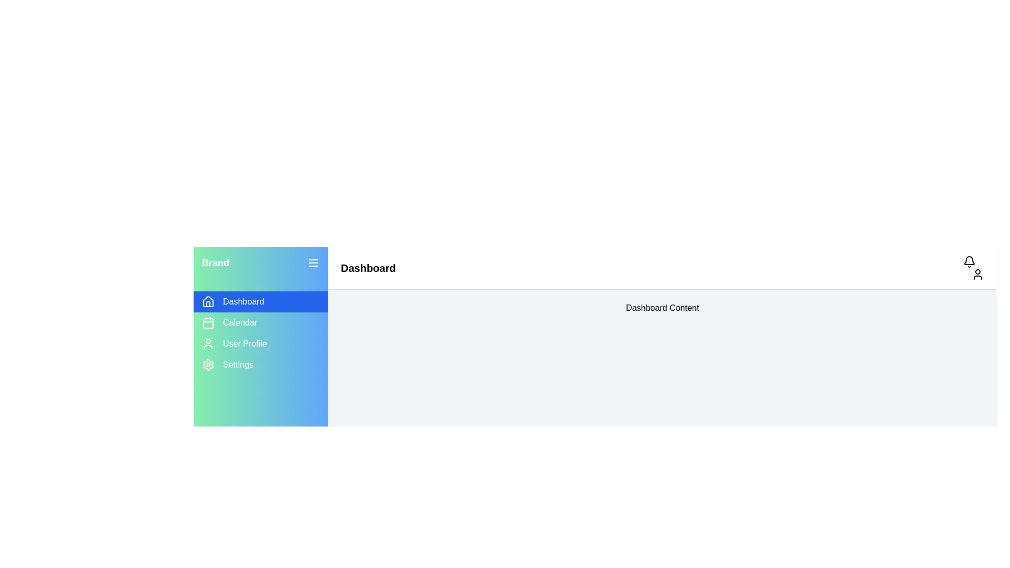  What do you see at coordinates (215, 262) in the screenshot?
I see `the branding or title label located in the top left corner of the navigation sidebar, which is positioned above the navigation links and to the left of the menu icon` at bounding box center [215, 262].